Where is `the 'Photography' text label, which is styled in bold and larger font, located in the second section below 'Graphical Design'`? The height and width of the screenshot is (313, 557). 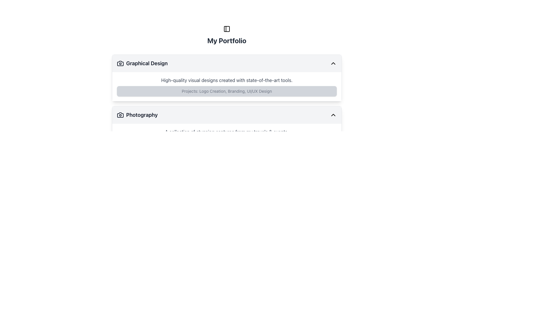 the 'Photography' text label, which is styled in bold and larger font, located in the second section below 'Graphical Design' is located at coordinates (137, 115).